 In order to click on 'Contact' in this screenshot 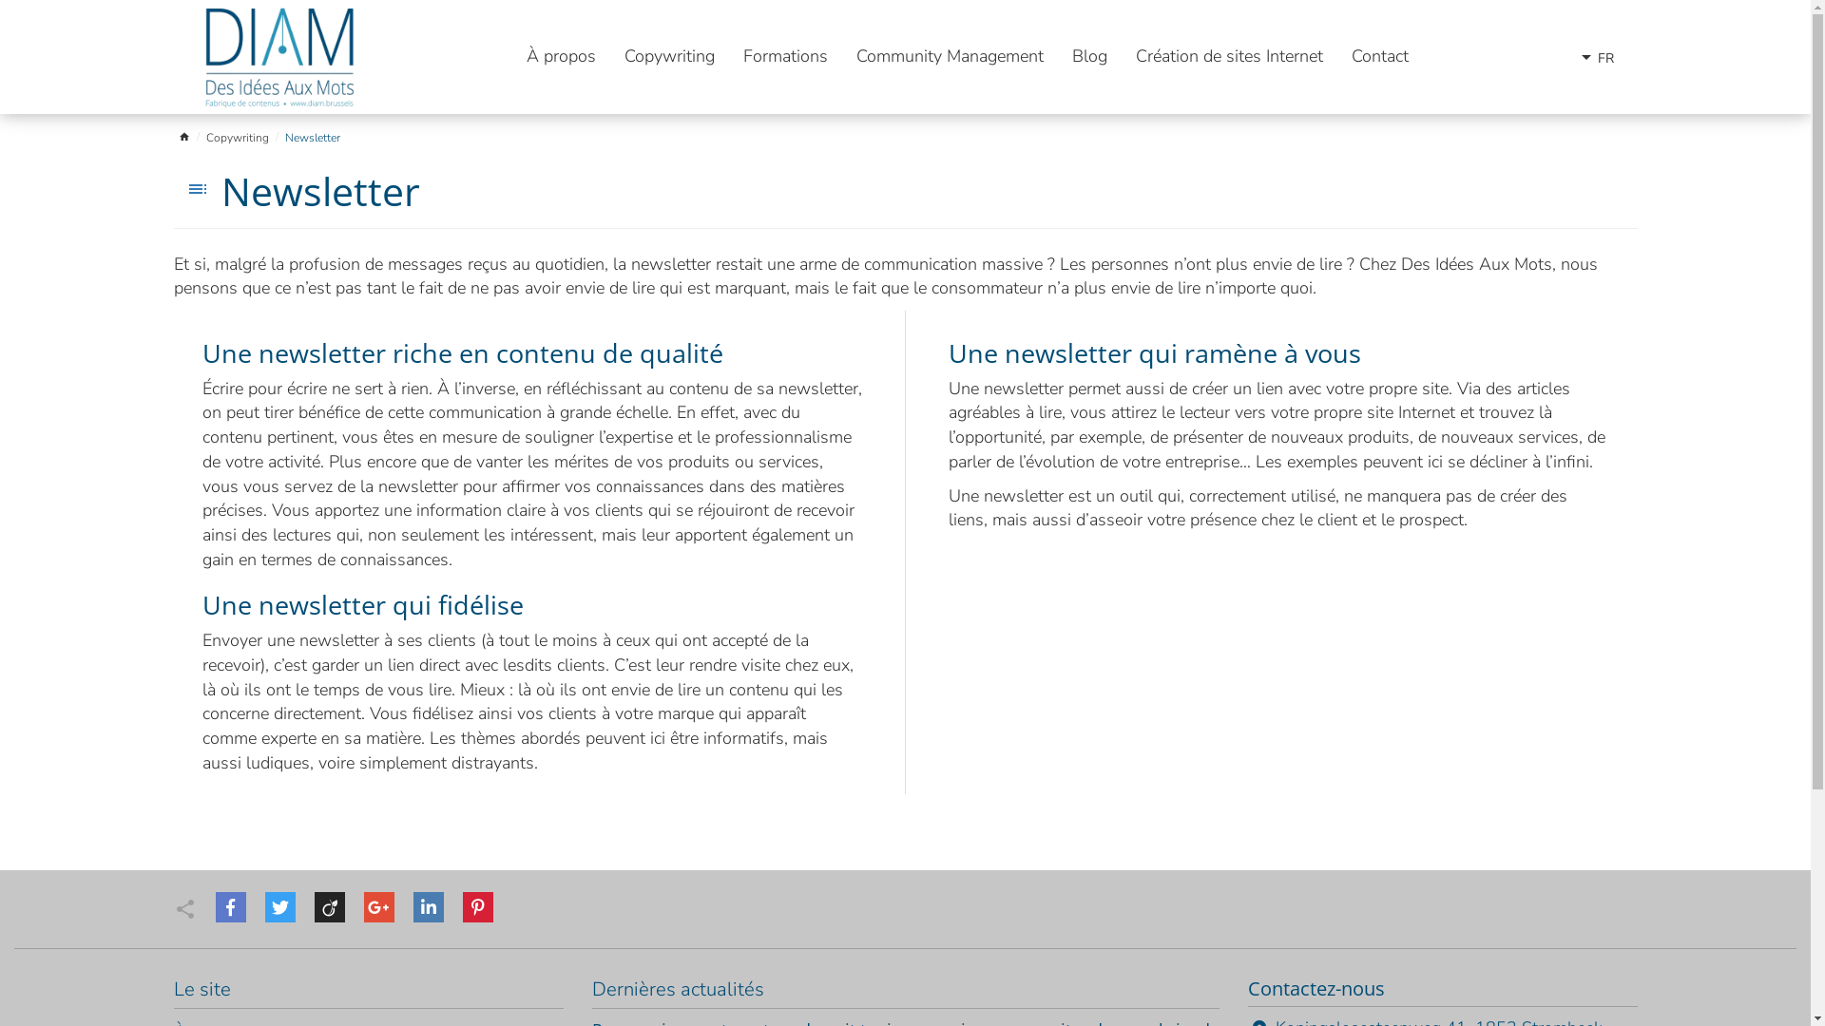, I will do `click(1335, 56)`.